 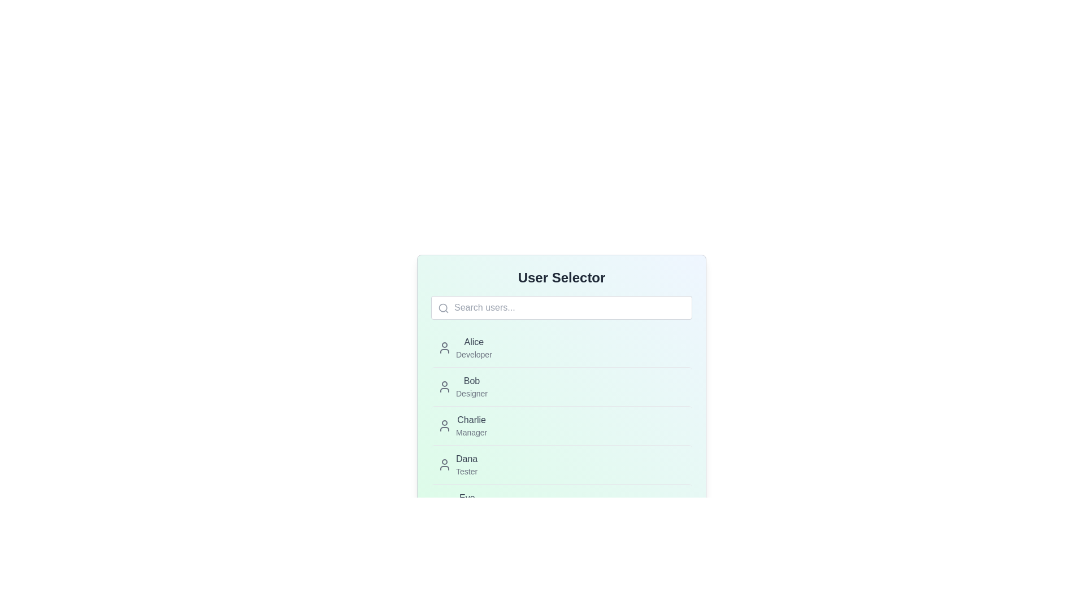 I want to click on the list item representing the user 'Charlie' who is a 'Manager', located centrally, so click(x=561, y=425).